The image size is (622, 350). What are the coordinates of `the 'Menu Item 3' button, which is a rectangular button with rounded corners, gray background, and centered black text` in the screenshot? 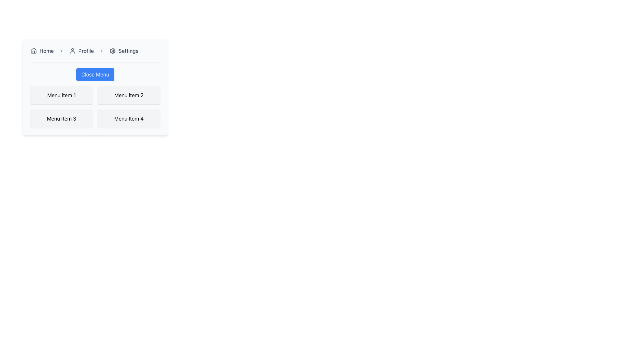 It's located at (62, 119).